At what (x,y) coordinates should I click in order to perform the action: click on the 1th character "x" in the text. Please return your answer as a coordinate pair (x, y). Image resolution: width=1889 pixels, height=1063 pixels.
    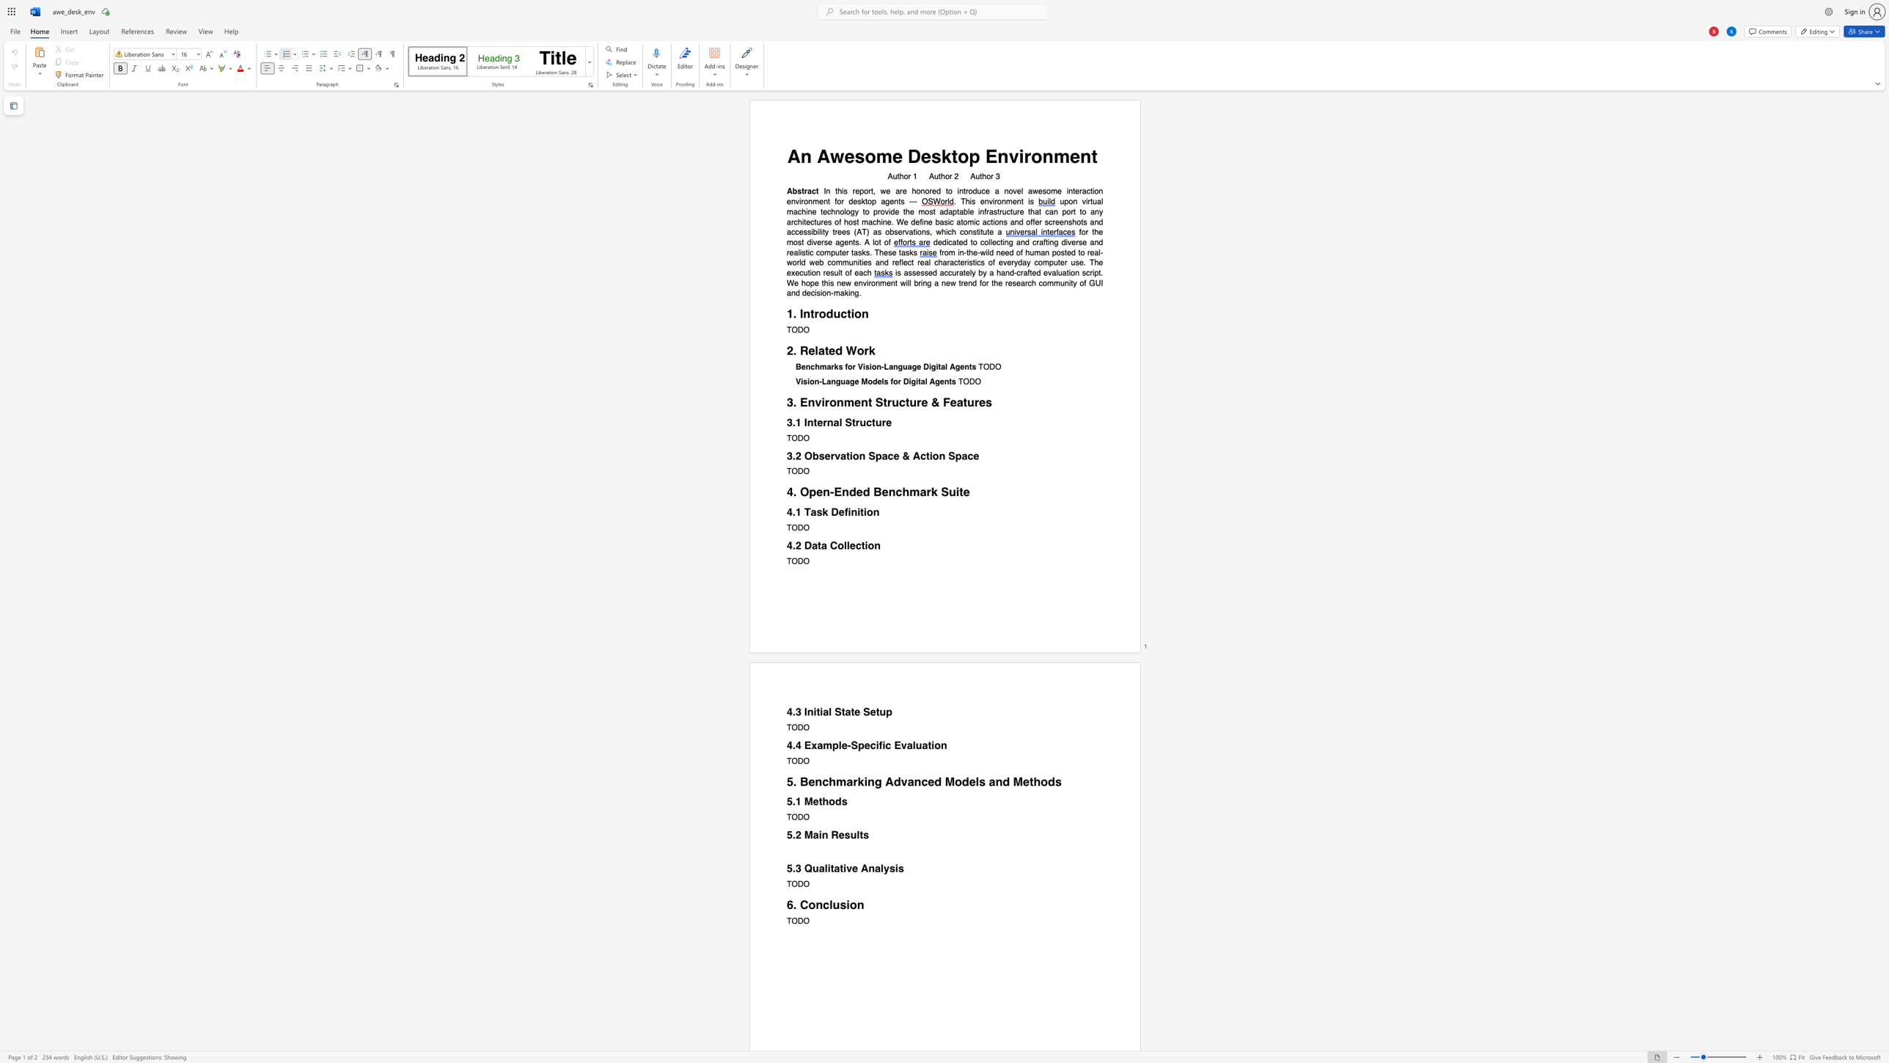
    Looking at the image, I should click on (814, 745).